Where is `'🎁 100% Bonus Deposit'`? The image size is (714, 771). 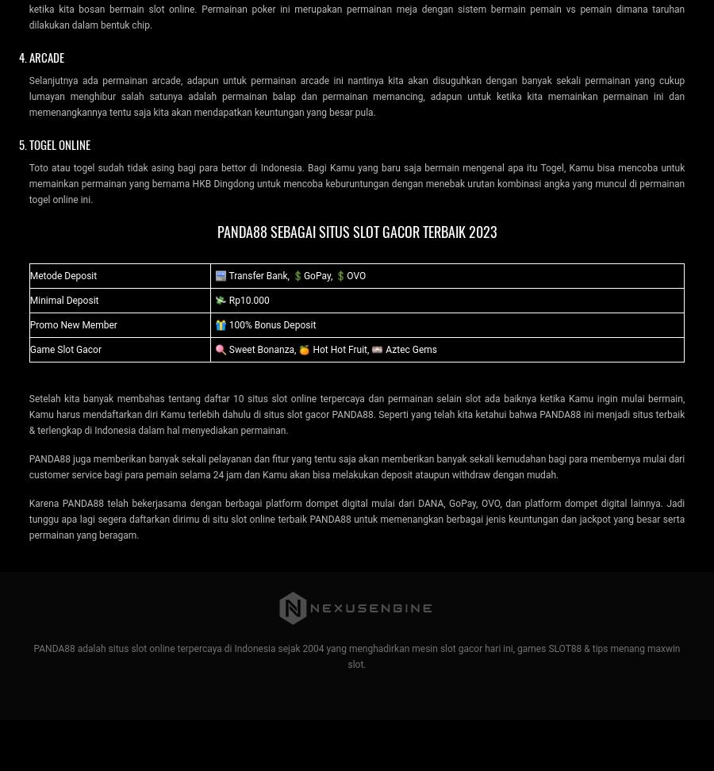 '🎁 100% Bonus Deposit' is located at coordinates (213, 324).